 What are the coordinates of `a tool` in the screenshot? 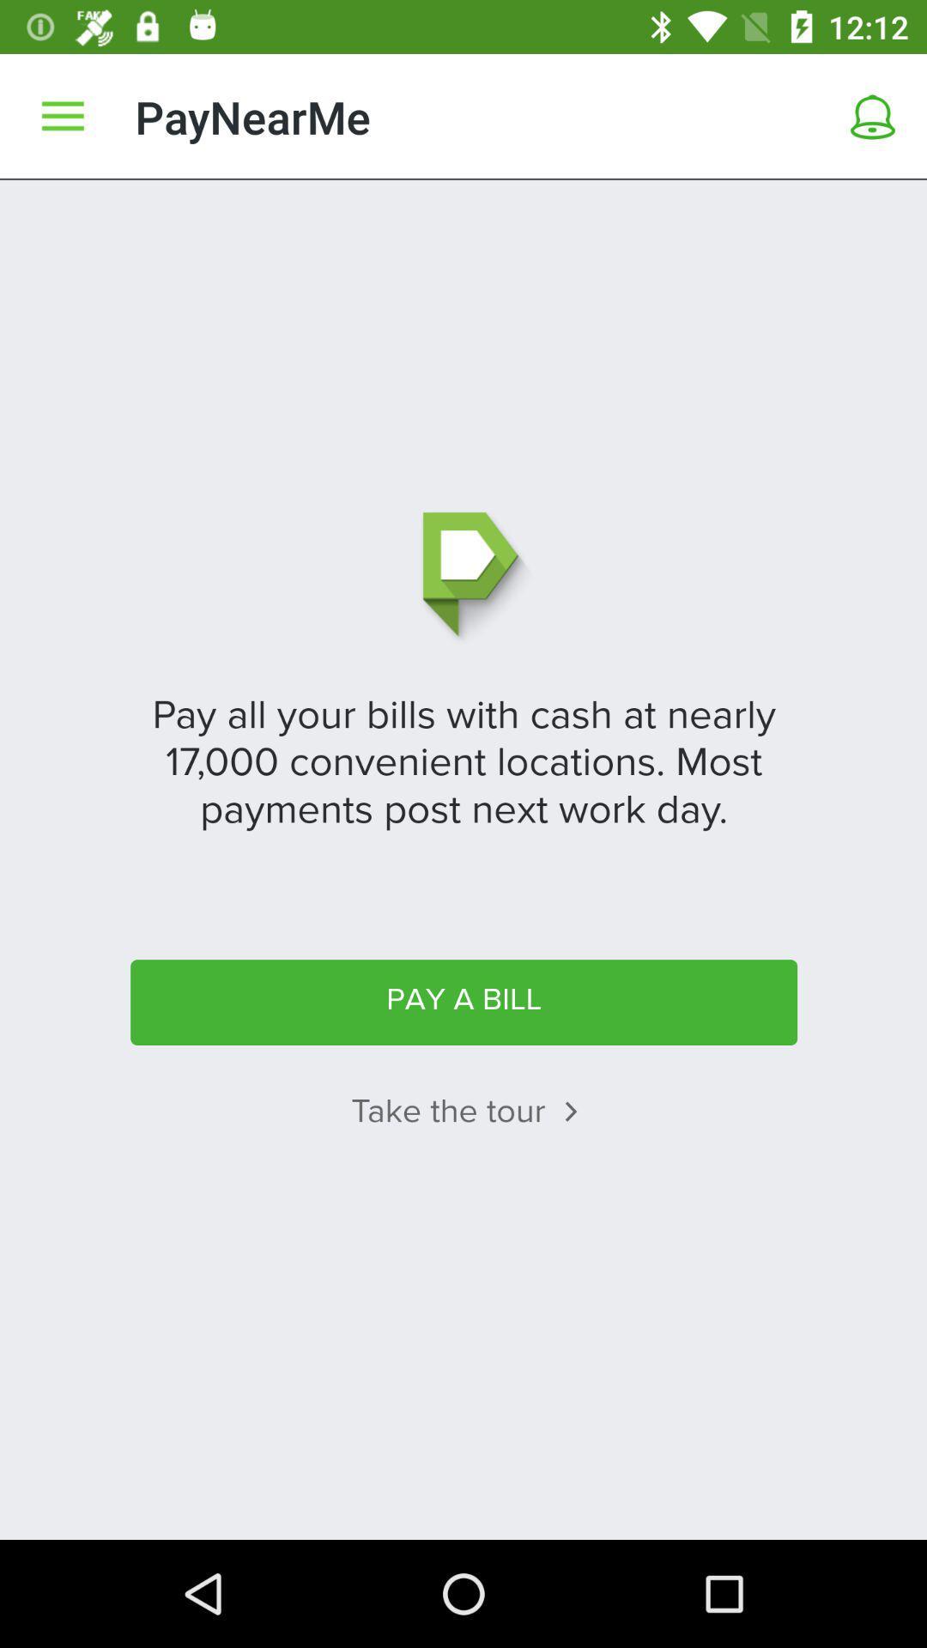 It's located at (873, 116).